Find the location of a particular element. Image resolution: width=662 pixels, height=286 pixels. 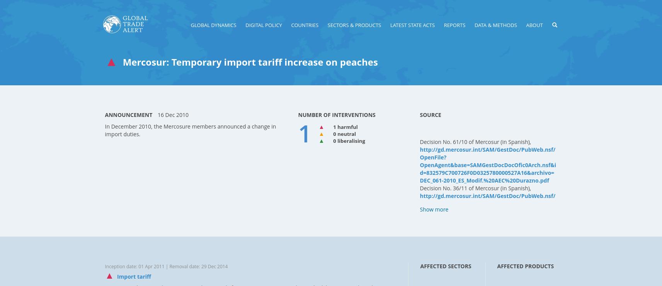

'In December 2010, the Mercosure members announced a change in import duties.' is located at coordinates (190, 130).